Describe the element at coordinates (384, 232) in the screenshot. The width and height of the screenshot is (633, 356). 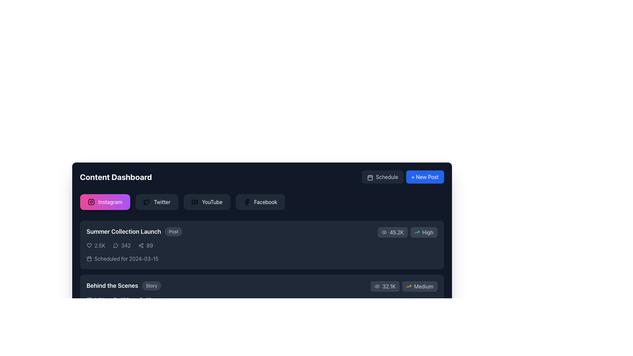
I see `the Eye symbol icon that visually indicates visibility metrics, located inside a rounded rectangle near the '45.2K' text and adjacent to a 'High' badge` at that location.